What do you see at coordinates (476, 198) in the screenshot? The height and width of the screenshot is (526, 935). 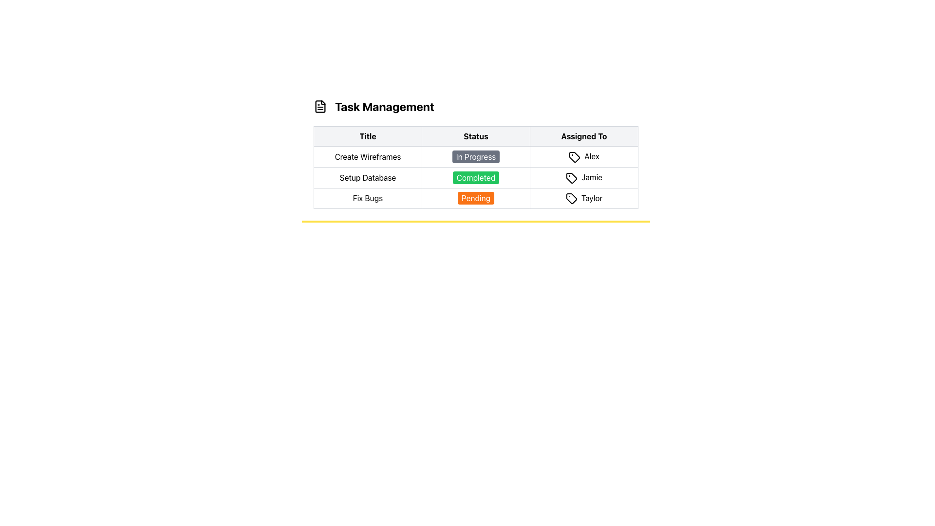 I see `the 'Pending' status badge in the third row of the 'Status' column, which is styled with a bright orange background and white text` at bounding box center [476, 198].